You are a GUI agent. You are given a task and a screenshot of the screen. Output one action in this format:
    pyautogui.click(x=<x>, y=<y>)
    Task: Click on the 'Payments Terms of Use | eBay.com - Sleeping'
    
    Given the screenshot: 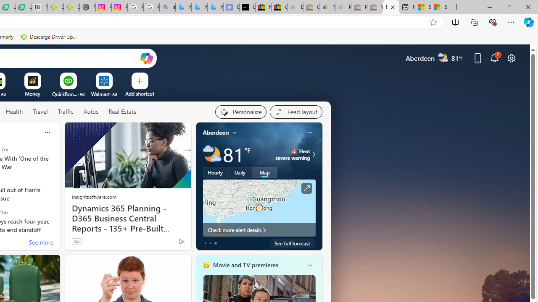 What is the action you would take?
    pyautogui.click(x=343, y=7)
    